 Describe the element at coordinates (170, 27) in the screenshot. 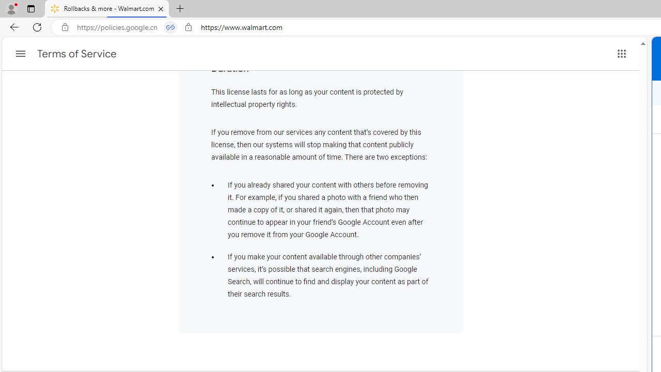

I see `'Tabs in split screen'` at that location.